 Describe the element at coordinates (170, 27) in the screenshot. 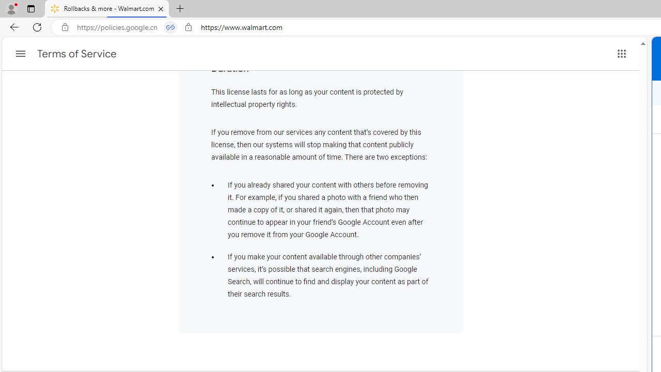

I see `'Tabs in split screen'` at that location.